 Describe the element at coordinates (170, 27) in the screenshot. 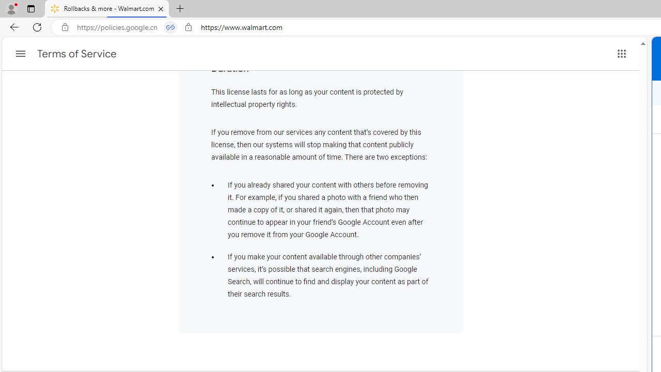

I see `'Tabs in split screen'` at that location.